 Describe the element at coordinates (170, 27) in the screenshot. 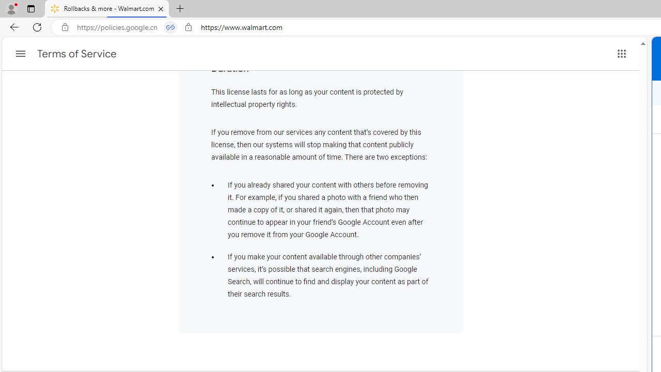

I see `'Tabs in split screen'` at that location.